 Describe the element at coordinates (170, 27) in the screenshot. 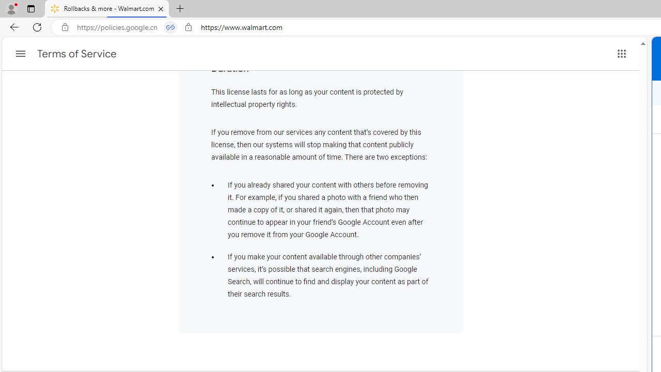

I see `'Tabs in split screen'` at that location.